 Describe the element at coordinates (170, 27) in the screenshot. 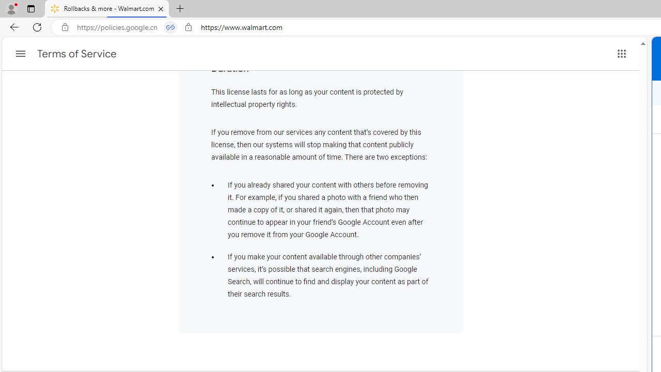

I see `'Tabs in split screen'` at that location.